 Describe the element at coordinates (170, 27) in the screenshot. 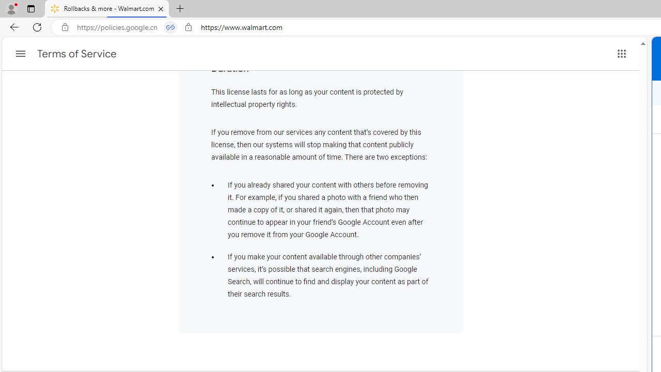

I see `'Tabs in split screen'` at that location.